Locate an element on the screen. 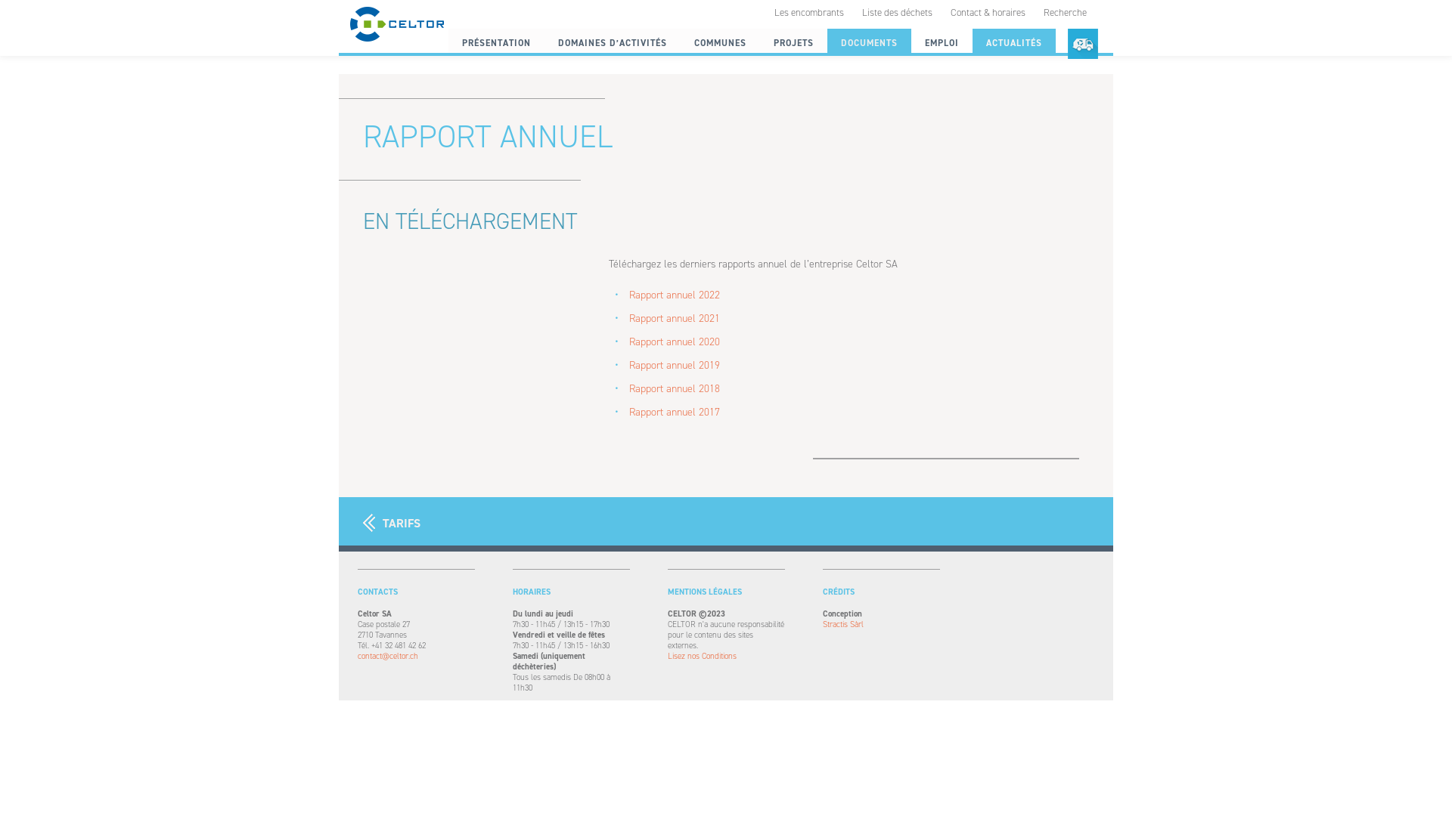  'Rapport annuel 2021' is located at coordinates (628, 317).